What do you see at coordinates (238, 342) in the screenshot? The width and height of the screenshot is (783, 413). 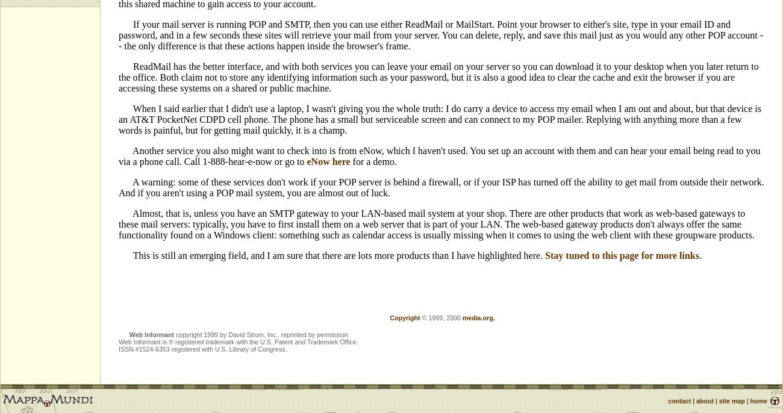 I see `'Web Informant is ® registered trademark with the U.S. Patent and Trademark Office.'` at bounding box center [238, 342].